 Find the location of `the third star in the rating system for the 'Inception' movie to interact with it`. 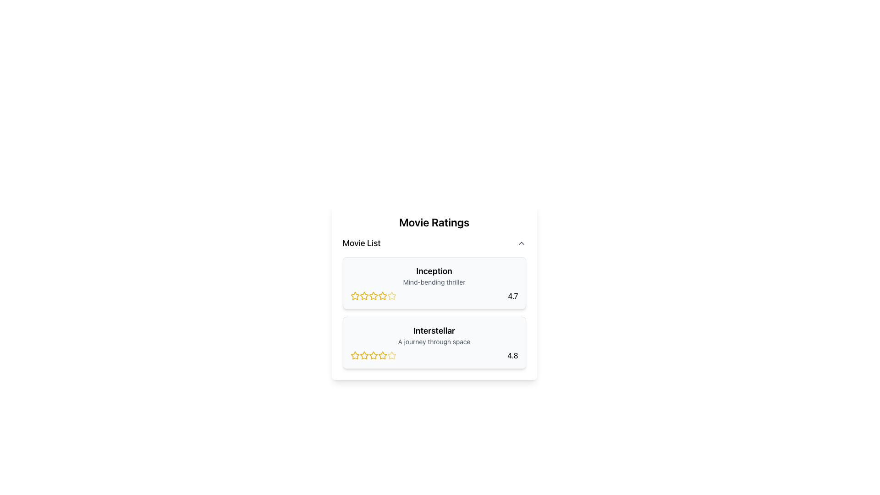

the third star in the rating system for the 'Inception' movie to interact with it is located at coordinates (382, 296).